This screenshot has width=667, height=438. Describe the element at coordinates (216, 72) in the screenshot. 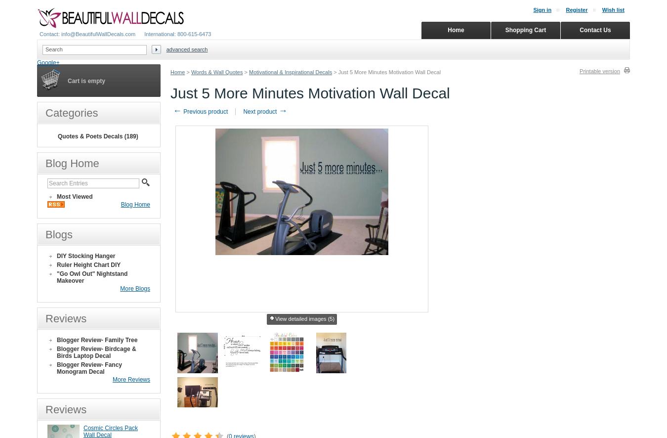

I see `'Words & Wall Quotes'` at that location.